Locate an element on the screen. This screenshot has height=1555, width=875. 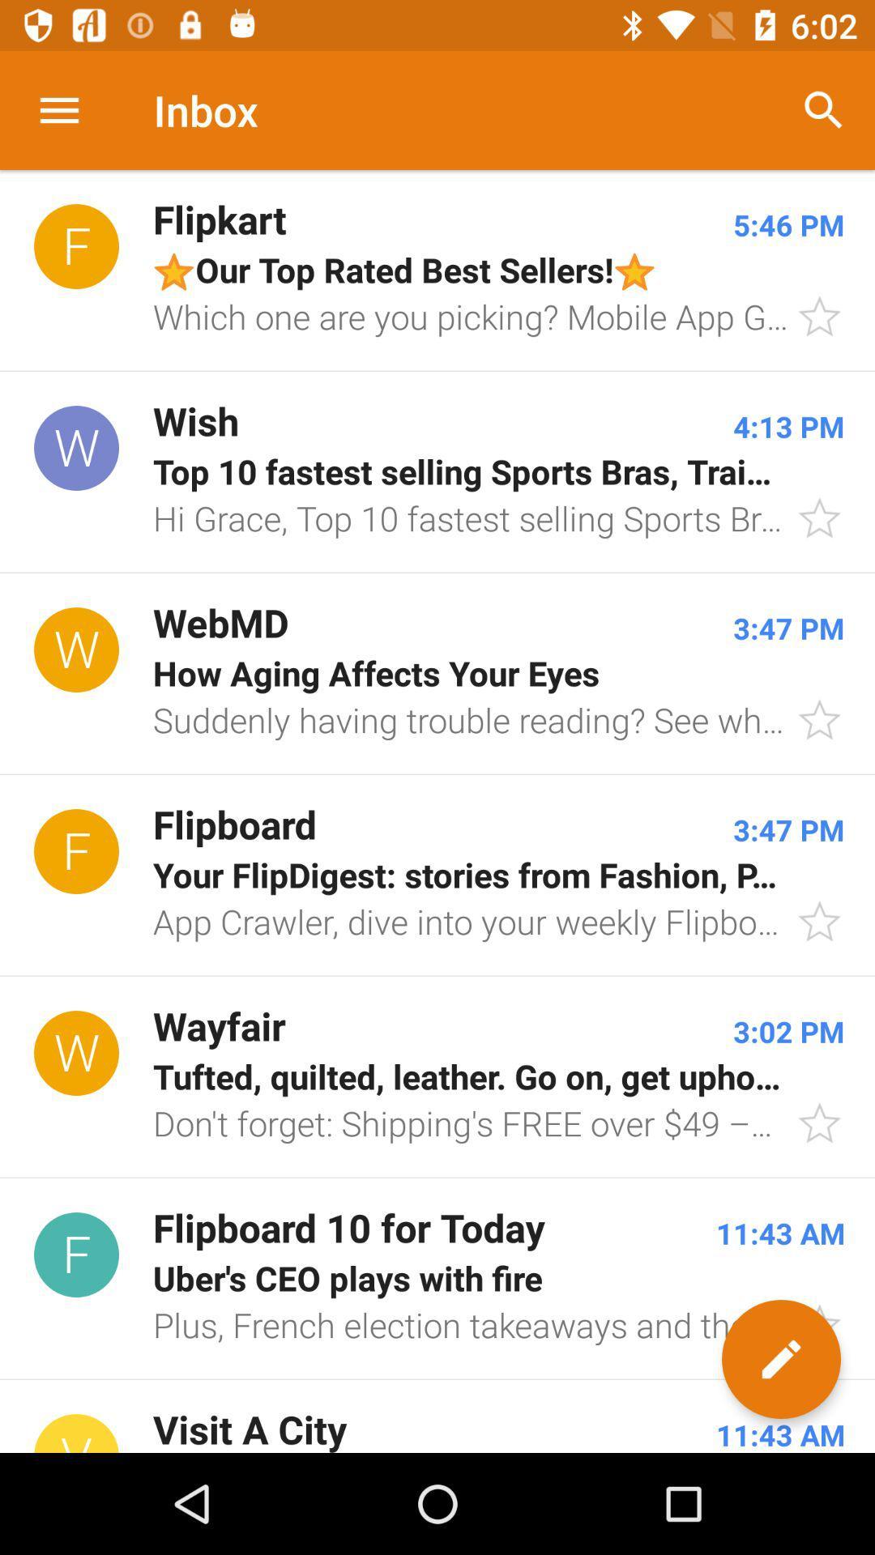
the icon at the top right corner is located at coordinates (824, 109).